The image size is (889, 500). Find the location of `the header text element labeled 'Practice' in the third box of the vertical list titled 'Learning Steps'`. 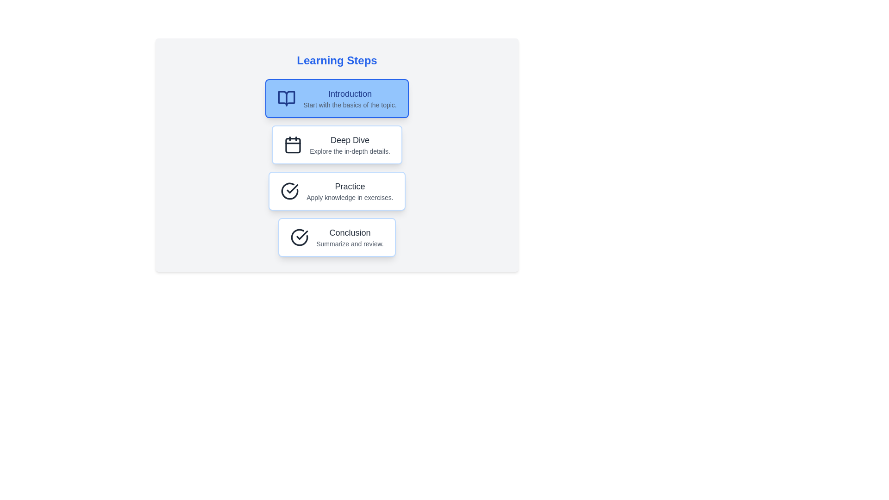

the header text element labeled 'Practice' in the third box of the vertical list titled 'Learning Steps' is located at coordinates (349, 186).